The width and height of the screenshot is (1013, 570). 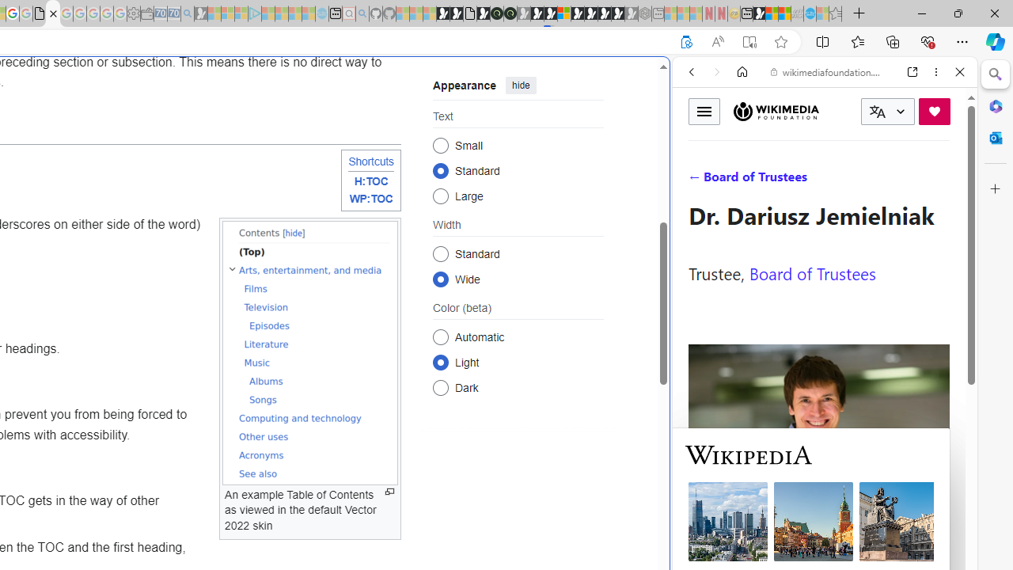 What do you see at coordinates (133, 13) in the screenshot?
I see `'Settings - Sleeping'` at bounding box center [133, 13].